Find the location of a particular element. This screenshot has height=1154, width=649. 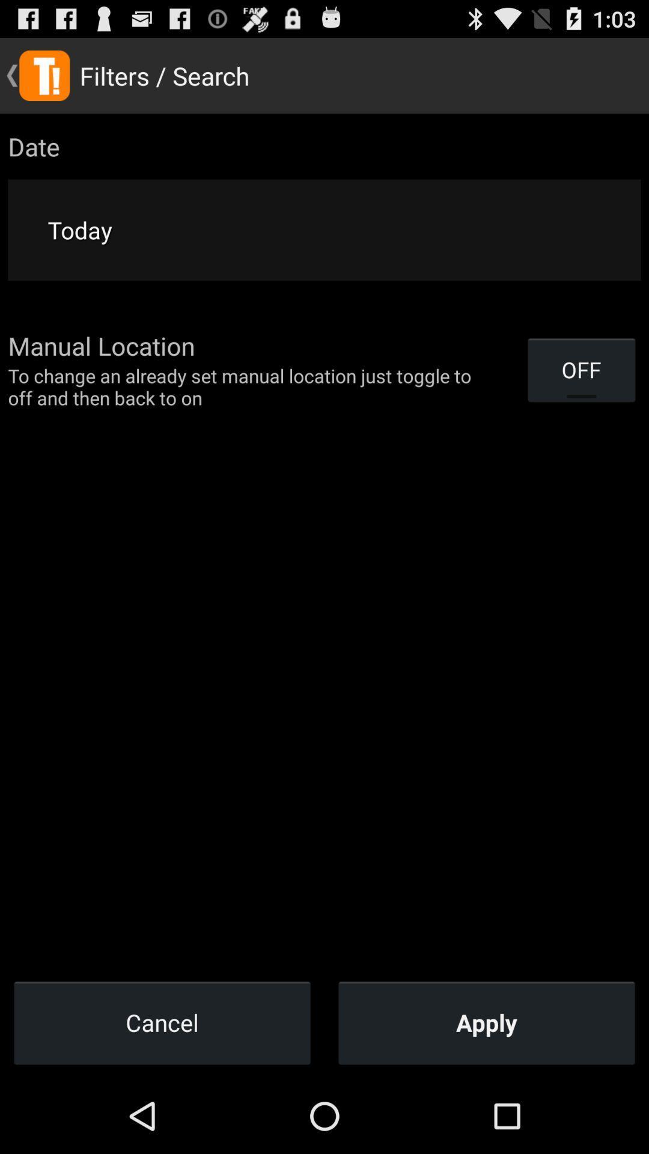

the icon to the left of the apply icon is located at coordinates (162, 1022).